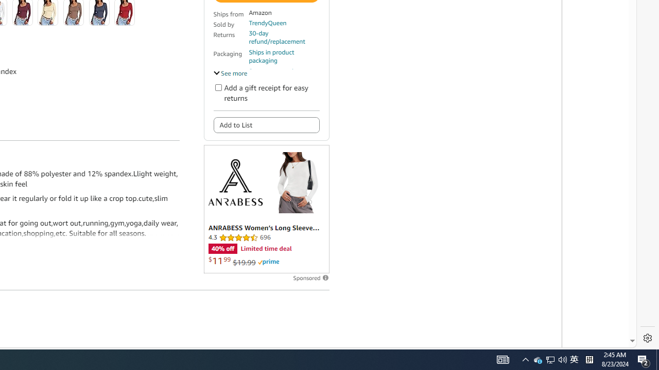  Describe the element at coordinates (268, 262) in the screenshot. I see `'Prime'` at that location.